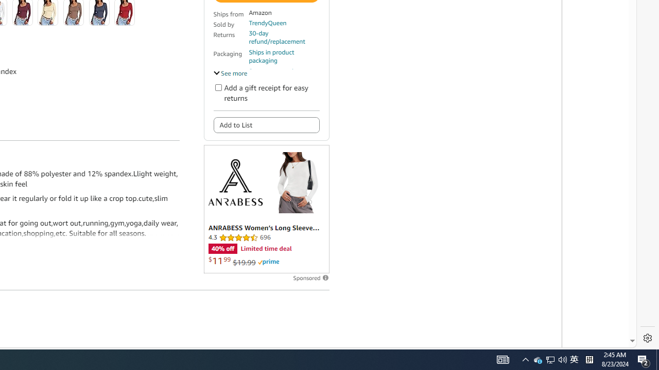  Describe the element at coordinates (268, 262) in the screenshot. I see `'Prime'` at that location.